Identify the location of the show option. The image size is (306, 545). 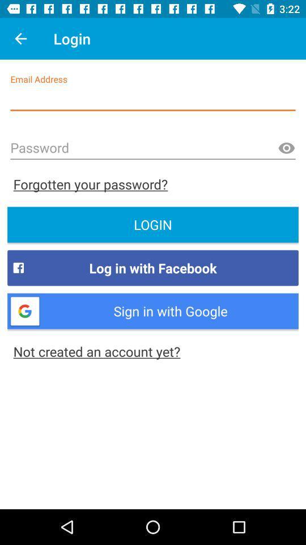
(286, 148).